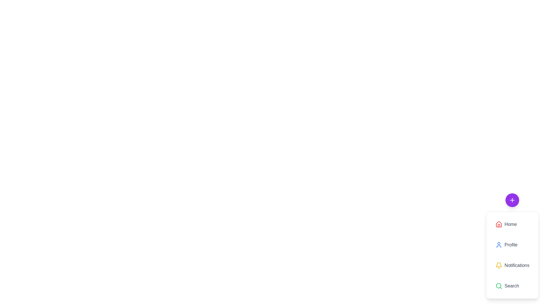 The width and height of the screenshot is (548, 308). I want to click on the purple circular button with a plus icon to toggle the menu, so click(512, 200).